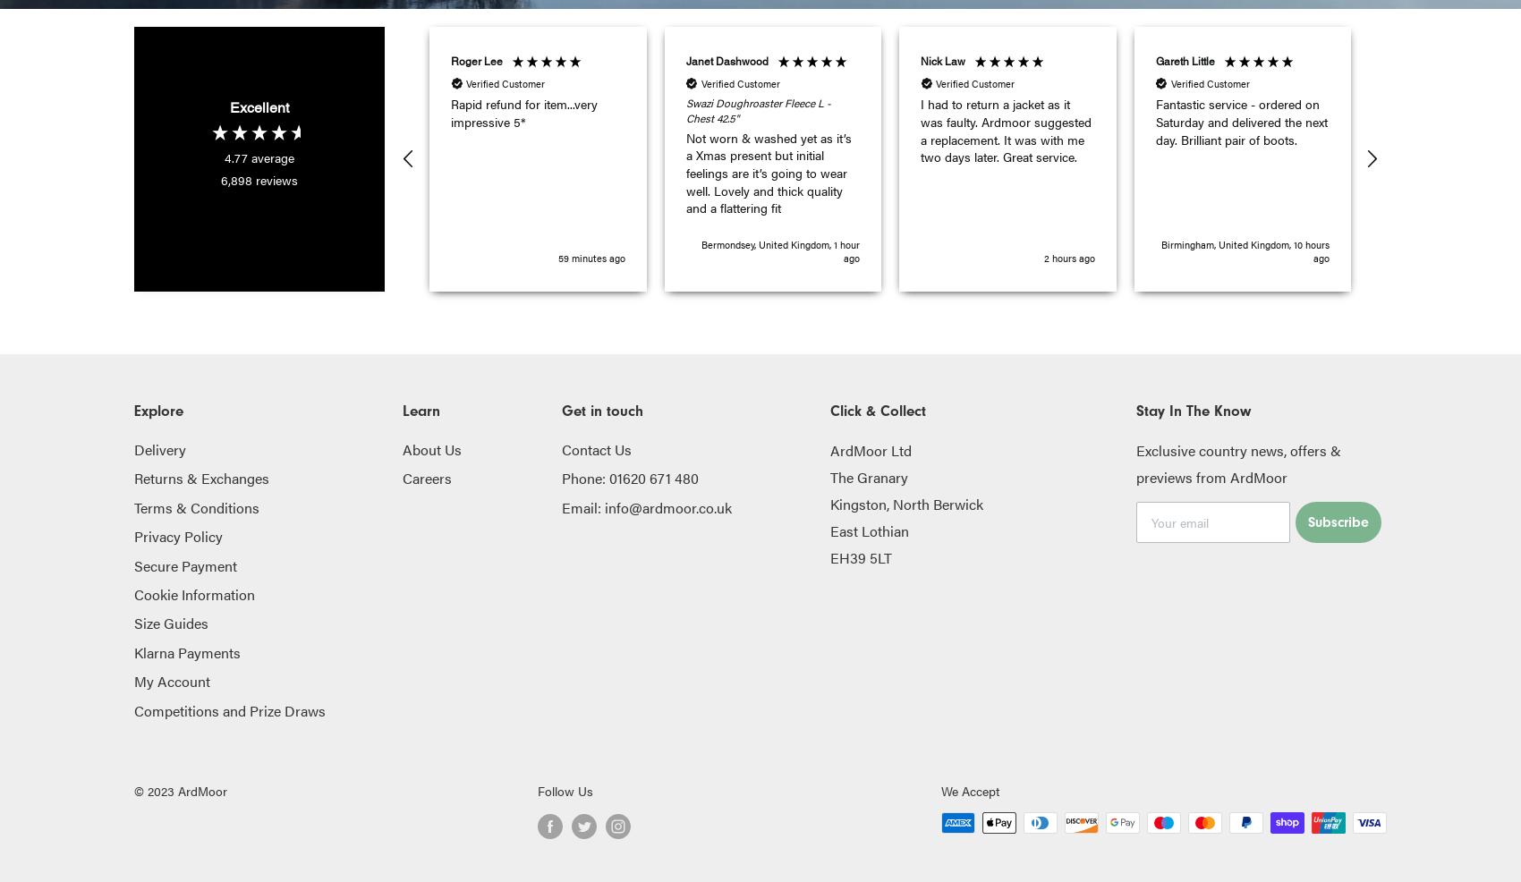 This screenshot has width=1521, height=882. Describe the element at coordinates (159, 448) in the screenshot. I see `'Delivery'` at that location.